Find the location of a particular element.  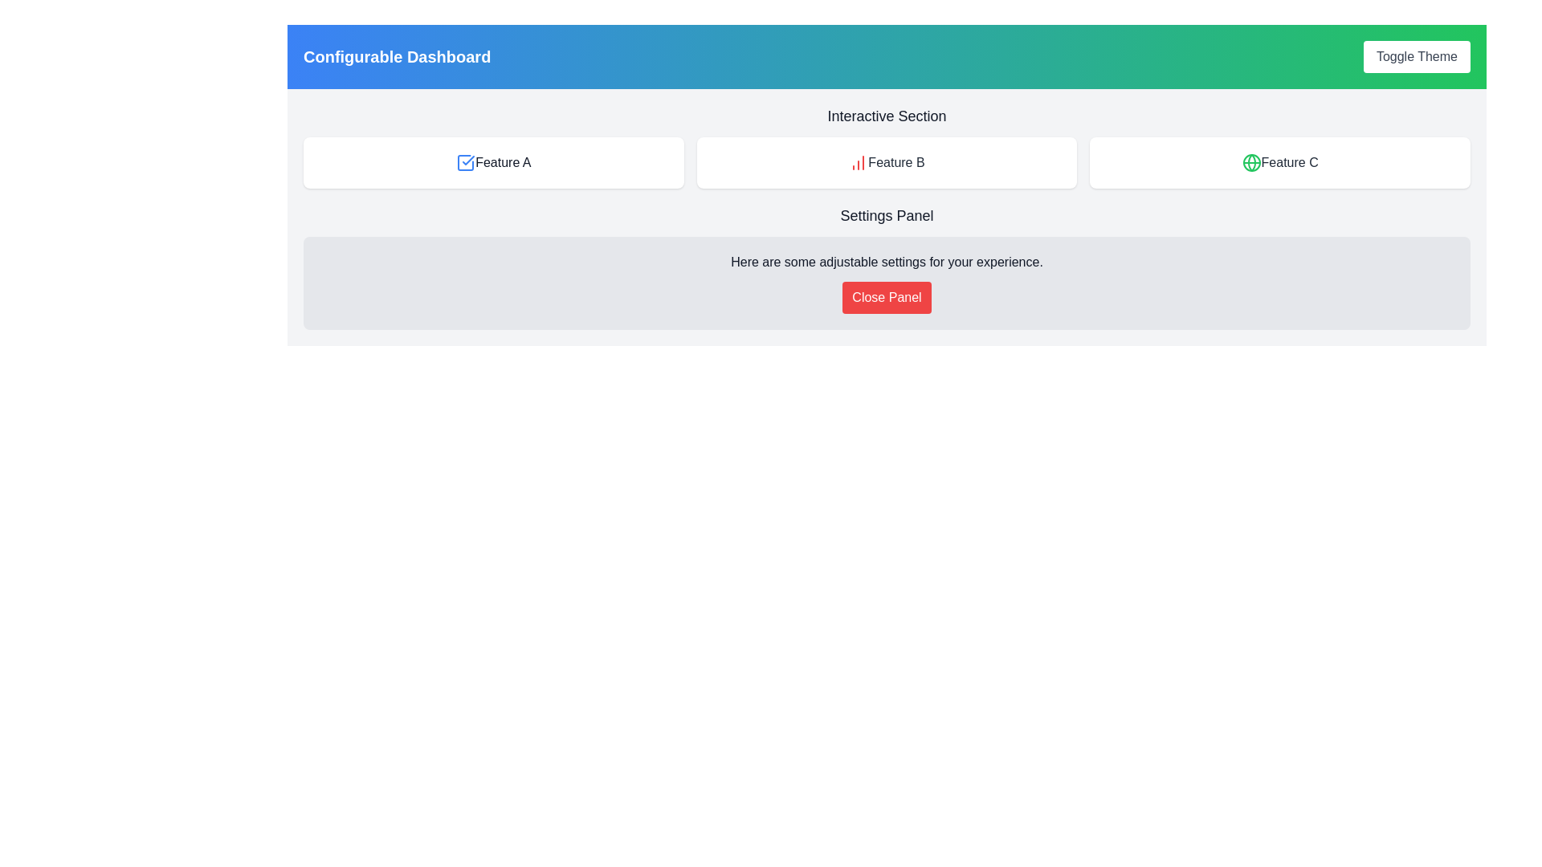

the decorative circle within the globe icon located next to the label 'Feature C' in the top interface section is located at coordinates (1250, 163).